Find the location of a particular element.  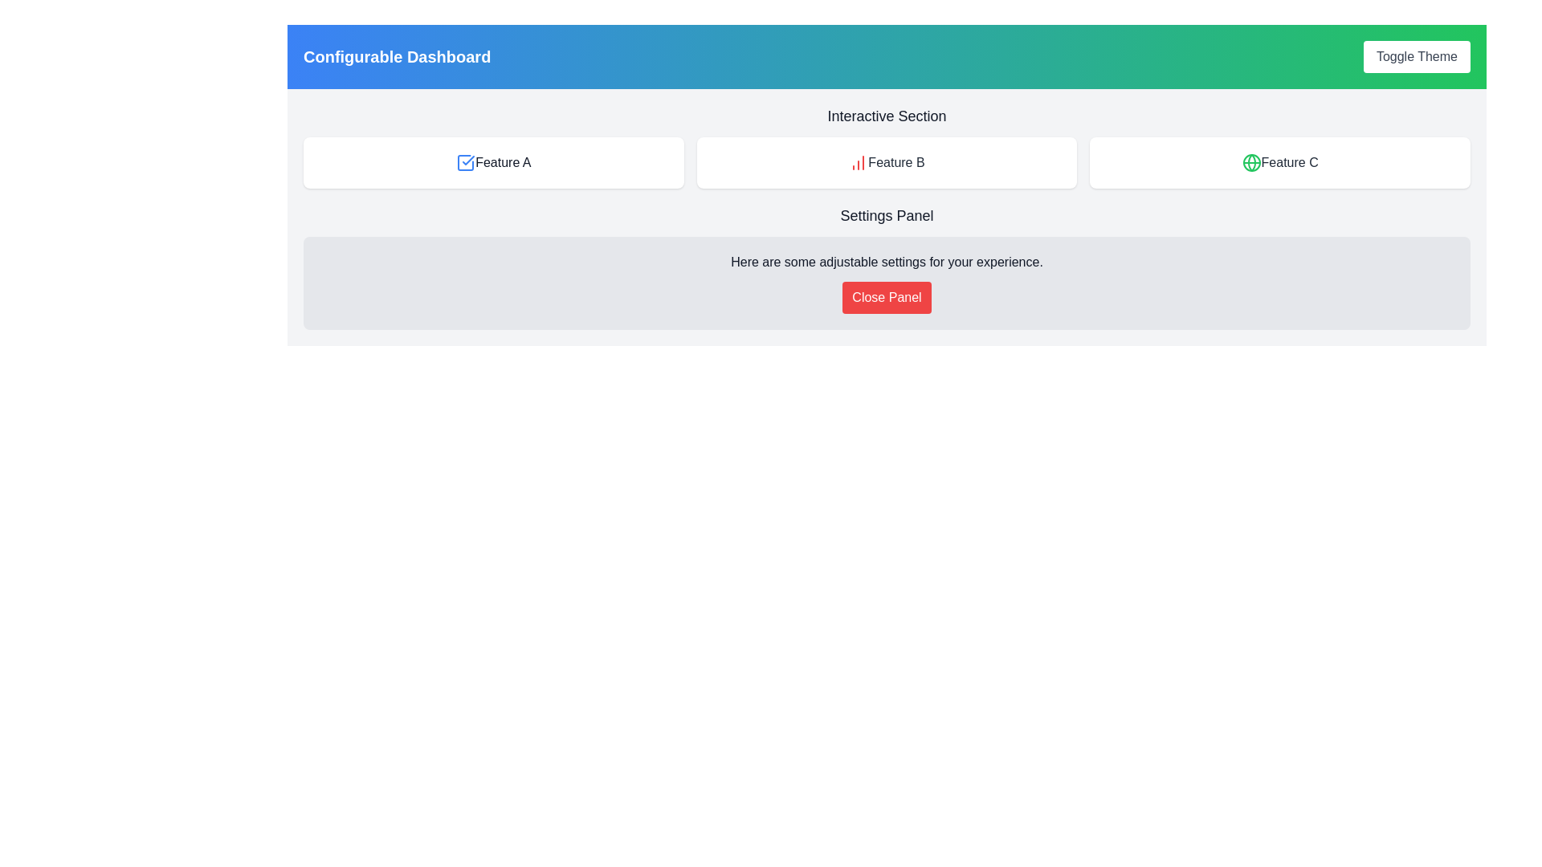

the decorative circle within the globe icon located next to the label 'Feature C' in the top interface section is located at coordinates (1250, 163).